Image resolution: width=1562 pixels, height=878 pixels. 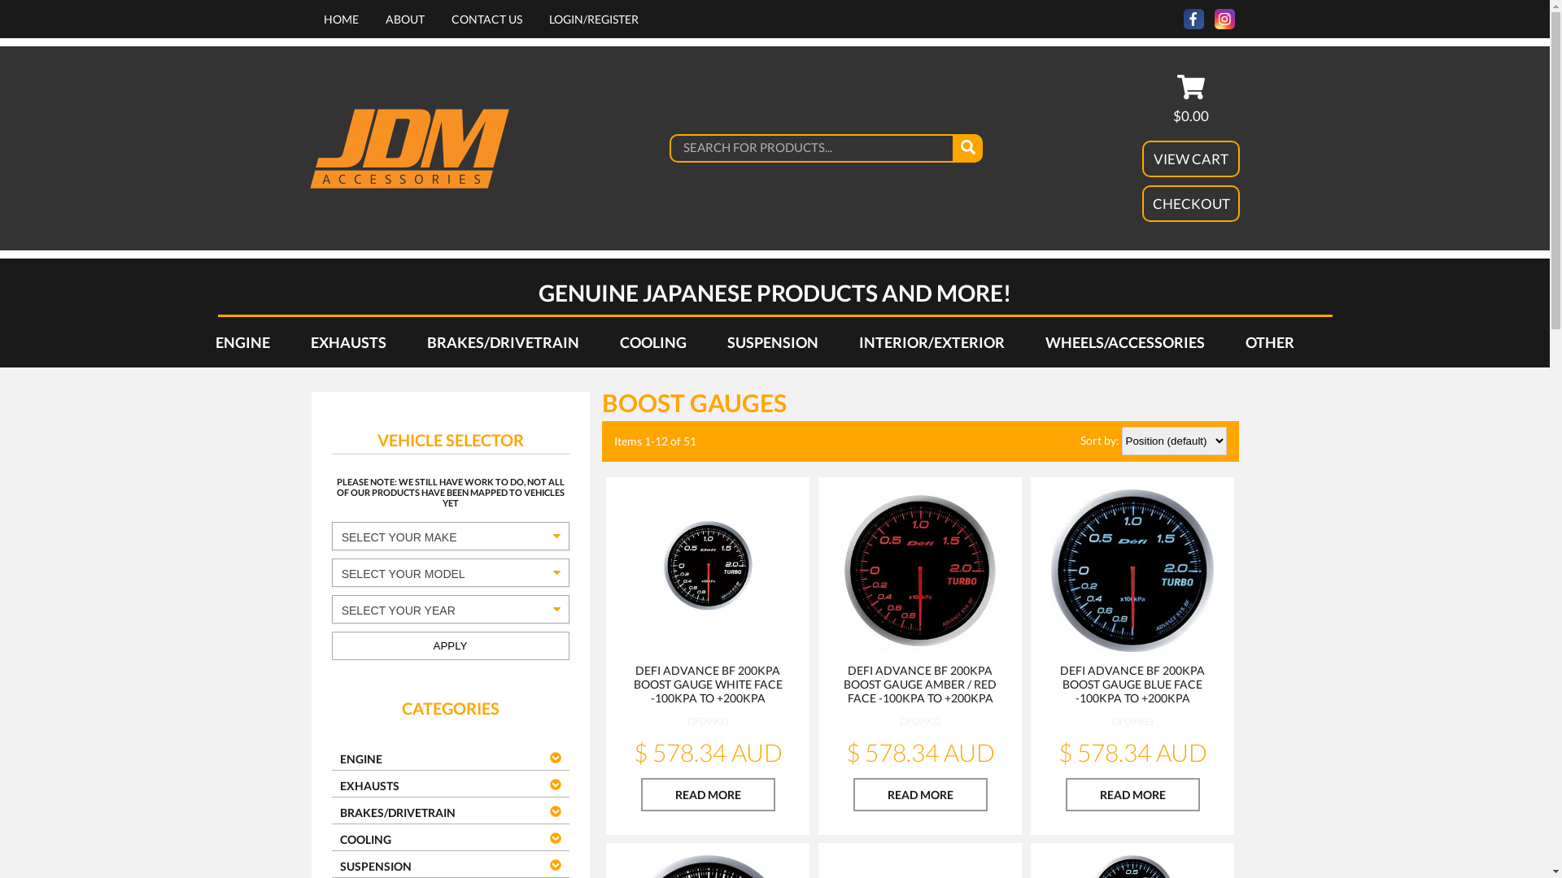 I want to click on 'CONTACT US', so click(x=450, y=19).